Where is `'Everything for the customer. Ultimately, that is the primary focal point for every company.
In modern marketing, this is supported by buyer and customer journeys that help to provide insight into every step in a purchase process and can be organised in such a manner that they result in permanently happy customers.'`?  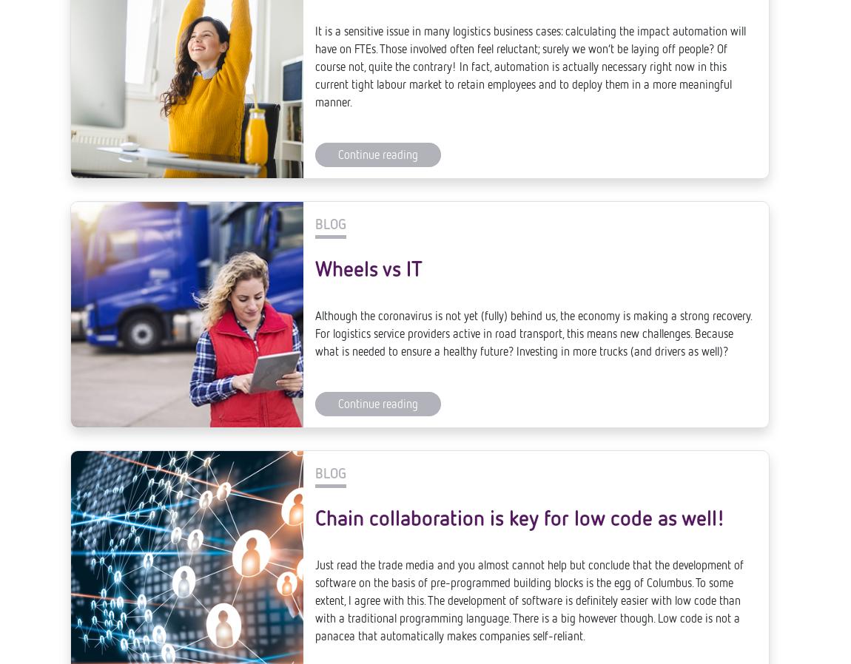 'Everything for the customer. Ultimately, that is the primary focal point for every company.
In modern marketing, this is supported by buyer and customer journeys that help to provide insight into every step in a purchase process and can be organised in such a manner that they result in permanently happy customers.' is located at coordinates (533, 374).